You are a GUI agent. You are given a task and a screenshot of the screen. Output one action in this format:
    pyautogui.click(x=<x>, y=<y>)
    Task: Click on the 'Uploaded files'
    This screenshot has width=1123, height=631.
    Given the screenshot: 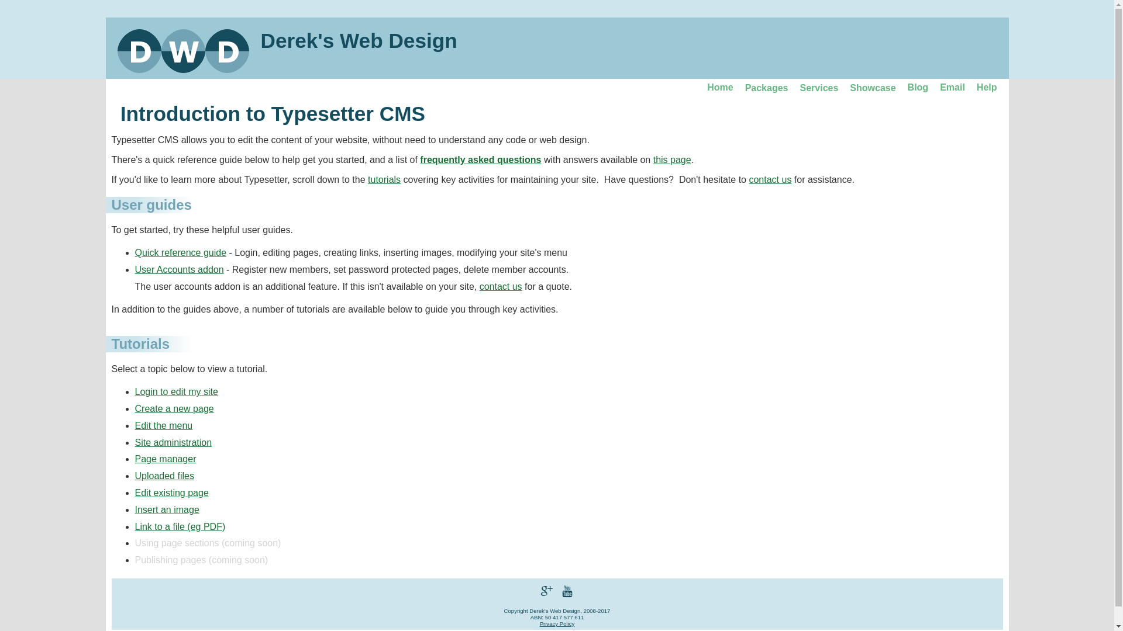 What is the action you would take?
    pyautogui.click(x=163, y=476)
    